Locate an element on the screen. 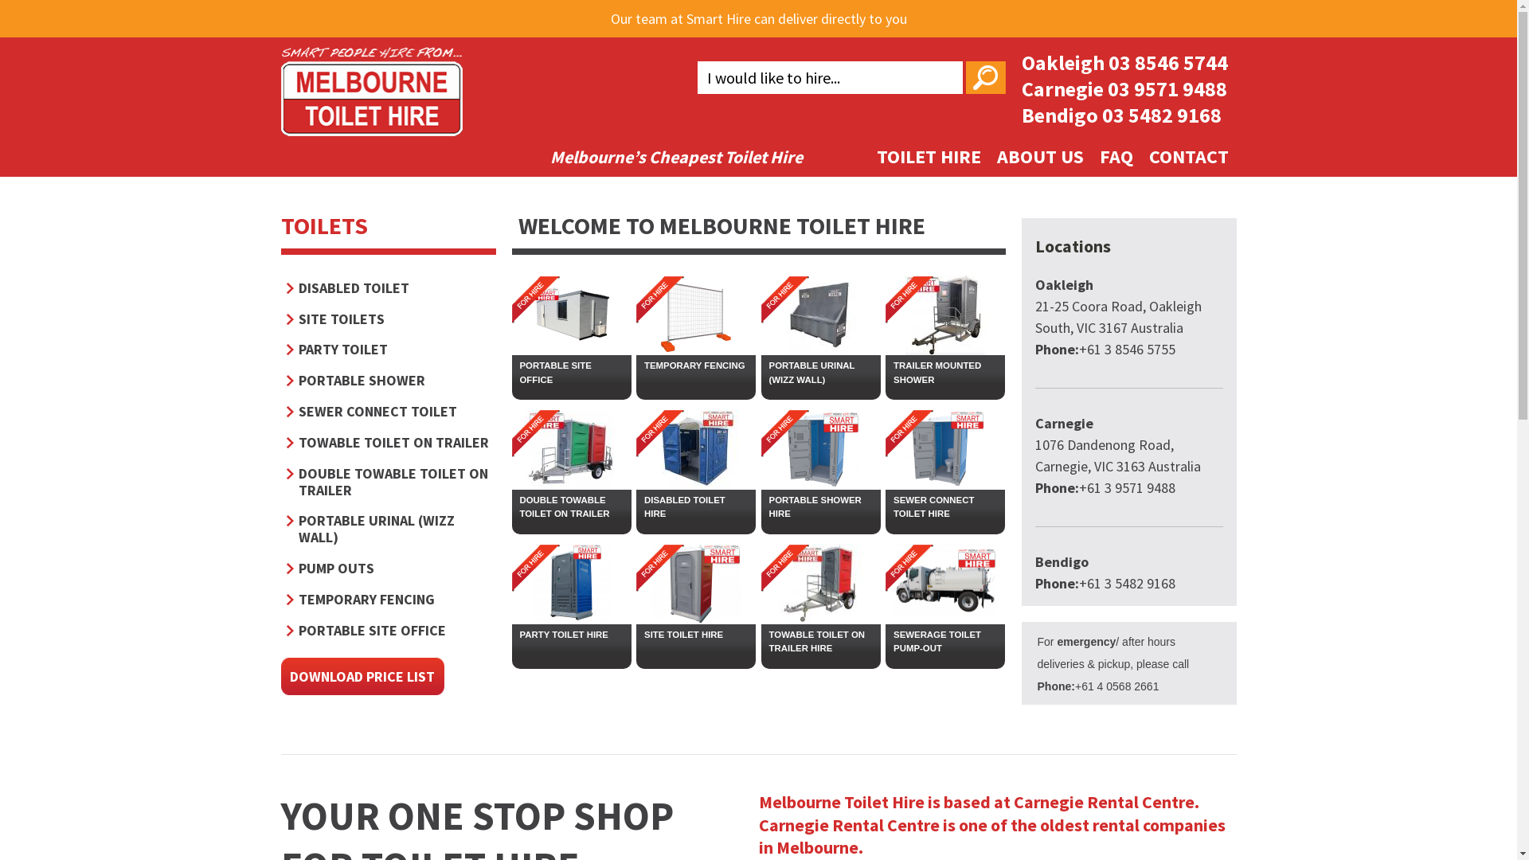 The width and height of the screenshot is (1529, 860). 'Enter the terms you wish to search for.' is located at coordinates (829, 77).